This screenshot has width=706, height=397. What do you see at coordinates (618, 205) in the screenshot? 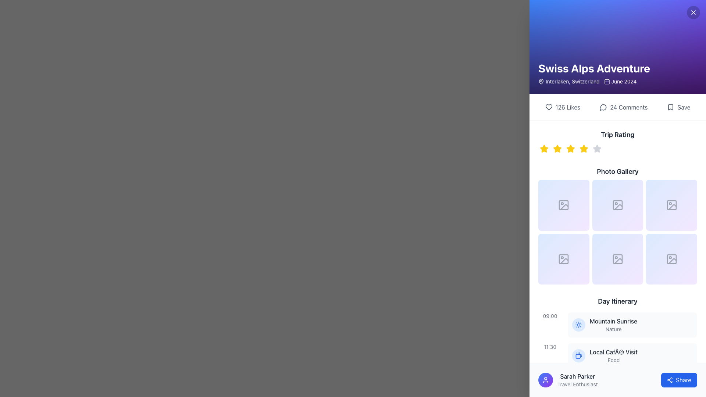
I see `the SVG element representing an image icon placeholder located in the second row and second column of the 'Photo Gallery' section` at bounding box center [618, 205].